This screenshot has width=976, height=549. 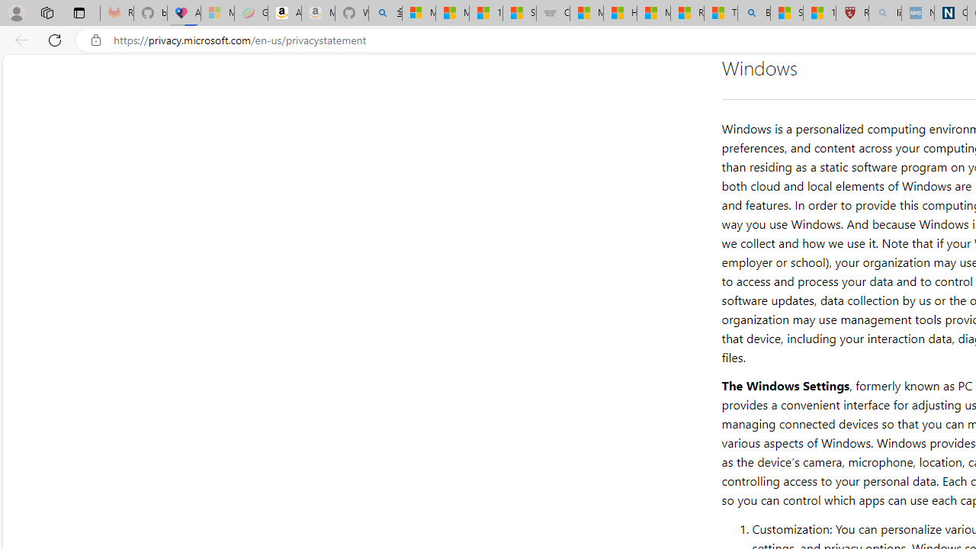 What do you see at coordinates (753, 13) in the screenshot?
I see `'Bing'` at bounding box center [753, 13].